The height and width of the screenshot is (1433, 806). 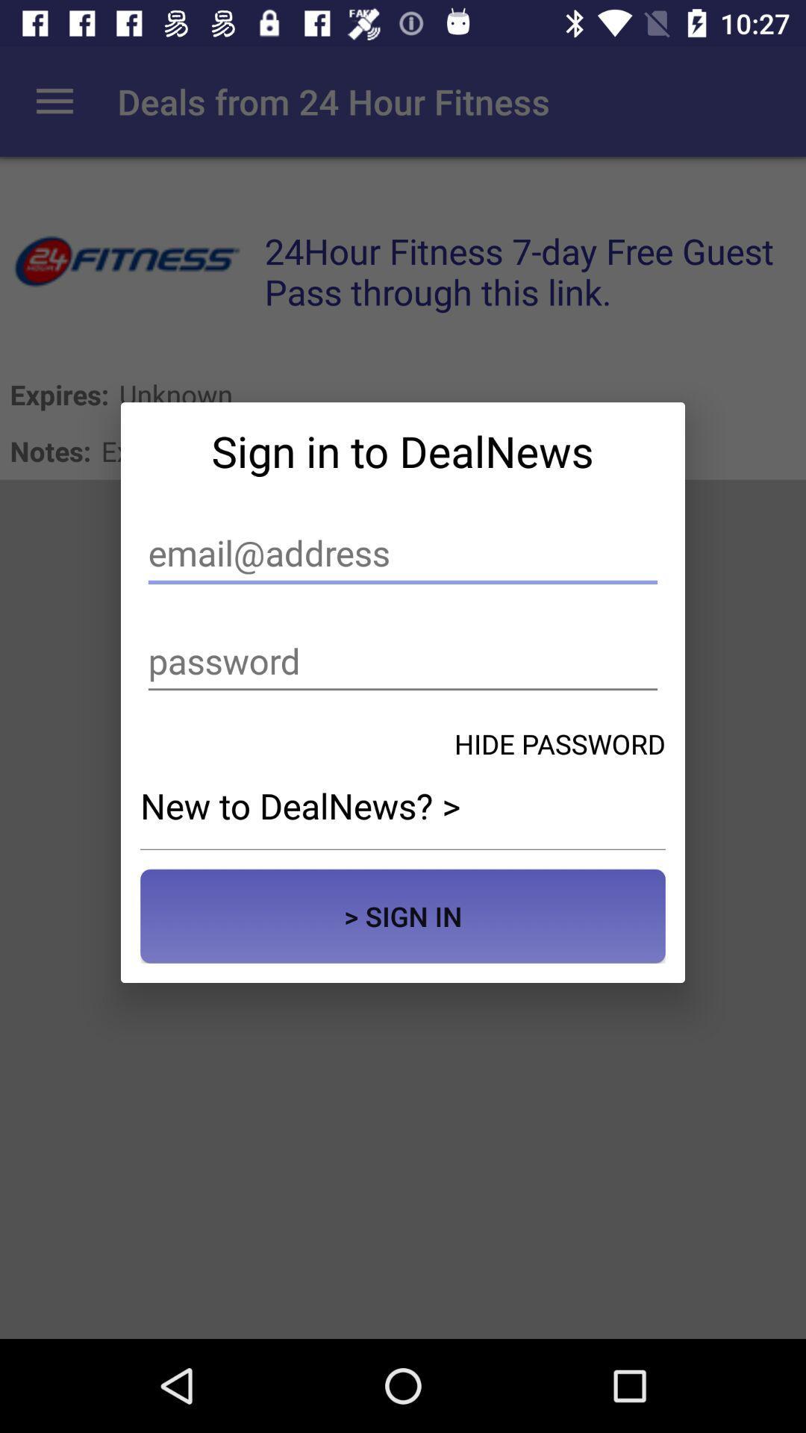 I want to click on put your password, so click(x=403, y=661).